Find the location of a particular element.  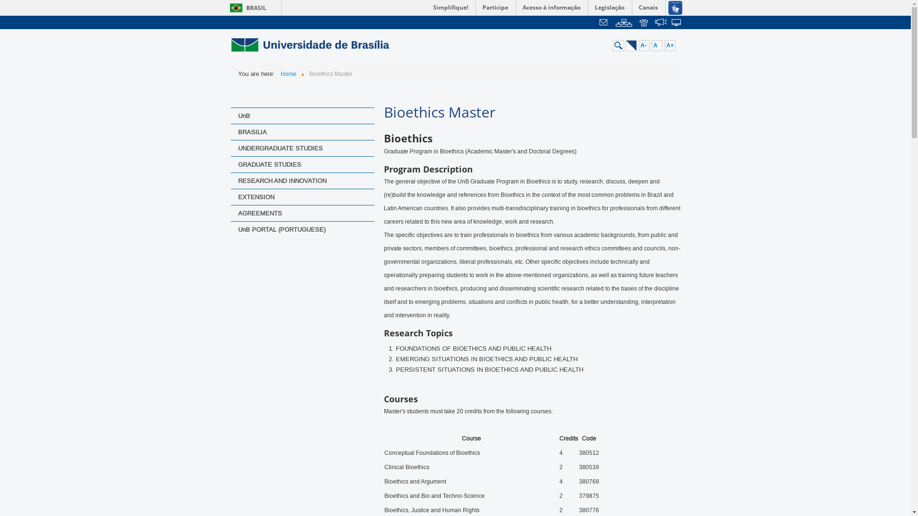

'A' is located at coordinates (656, 45).